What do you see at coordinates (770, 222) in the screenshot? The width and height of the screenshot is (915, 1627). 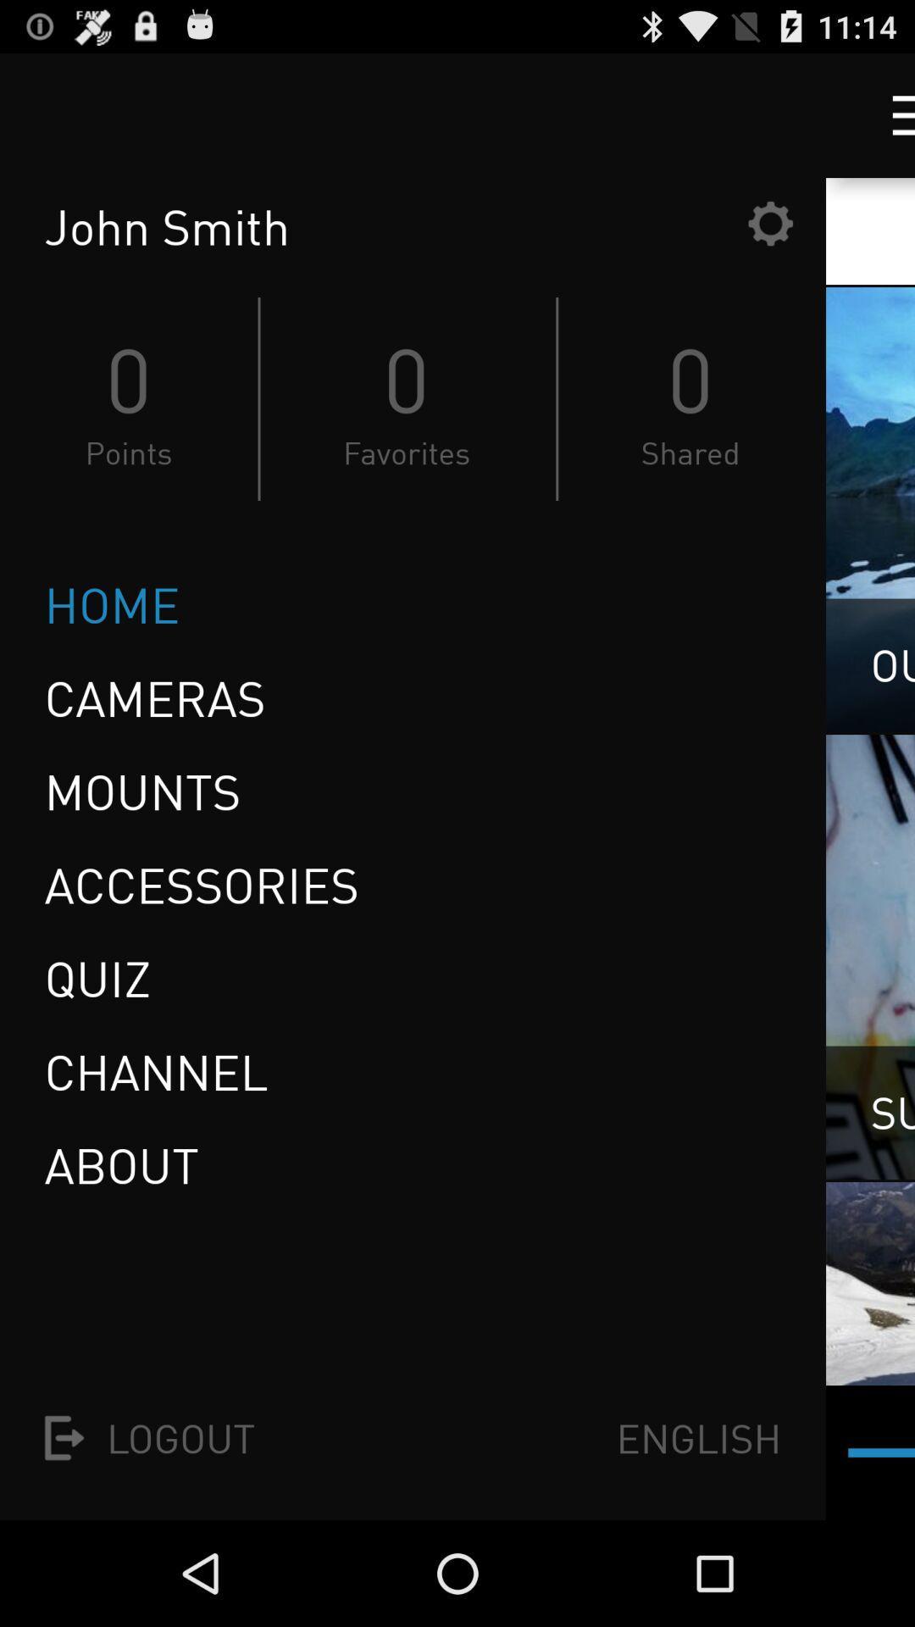 I see `settings` at bounding box center [770, 222].